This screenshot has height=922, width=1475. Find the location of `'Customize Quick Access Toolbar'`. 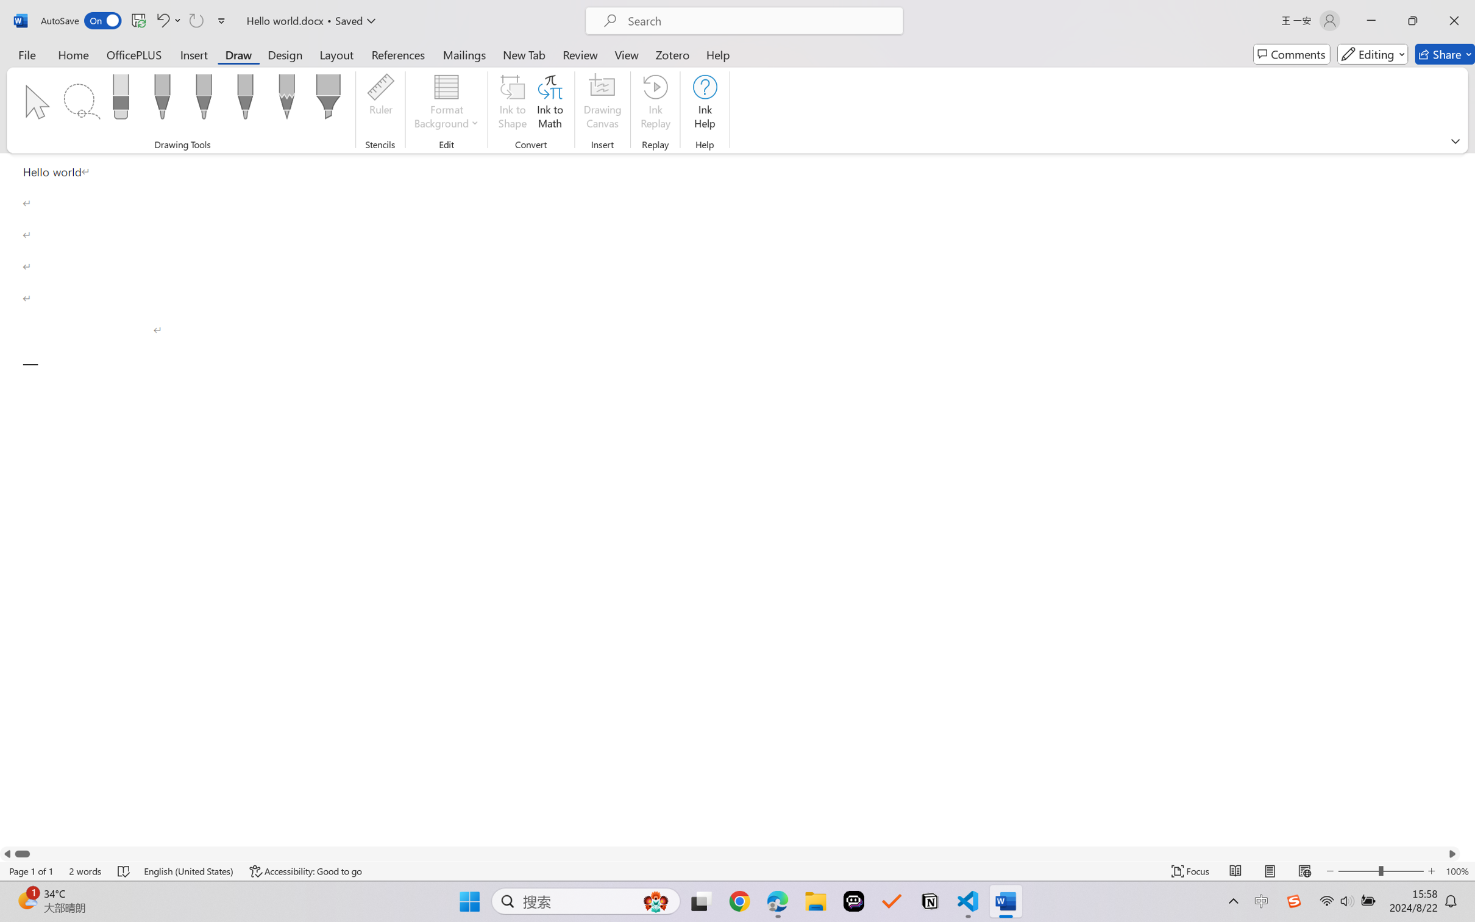

'Customize Quick Access Toolbar' is located at coordinates (221, 20).